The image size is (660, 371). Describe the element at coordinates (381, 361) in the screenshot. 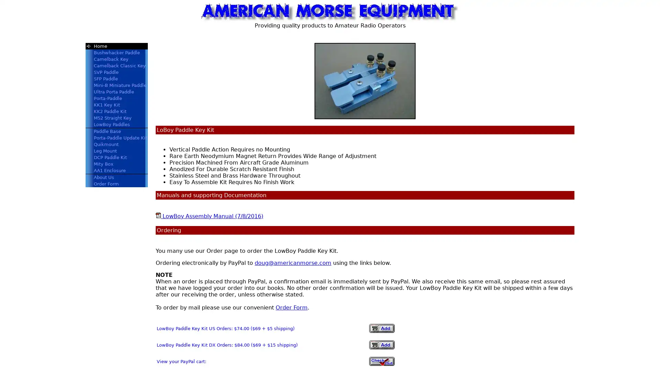

I see `Make payments with PayPal - it's fast, free and secure!` at that location.